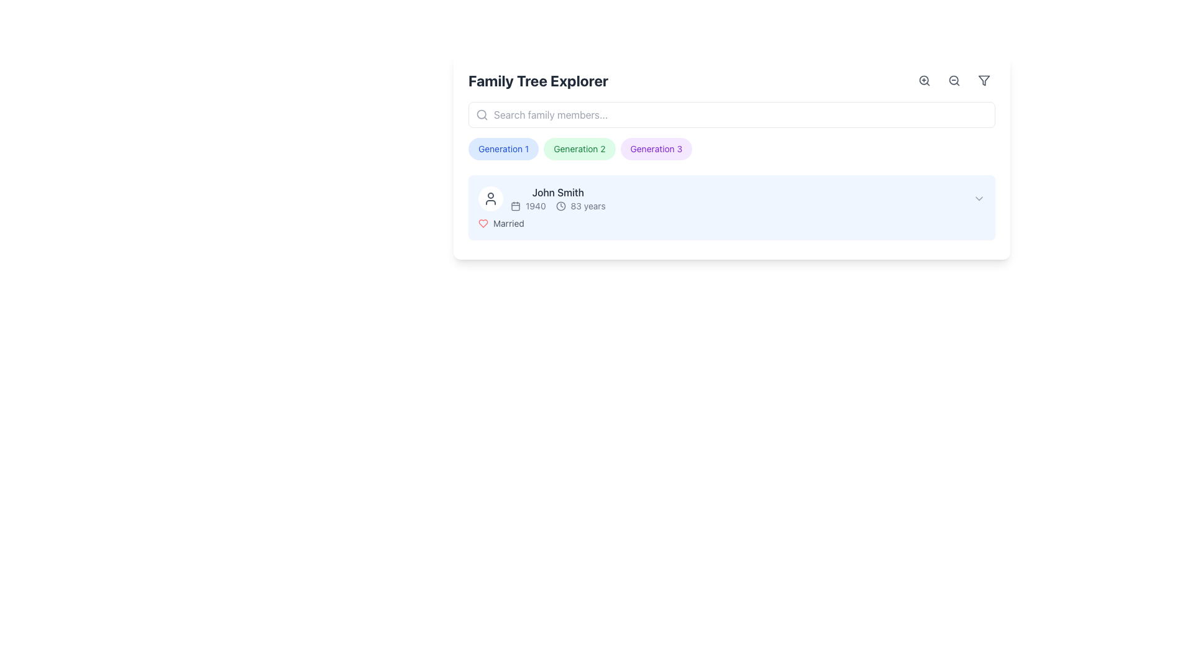 The height and width of the screenshot is (671, 1193). Describe the element at coordinates (482, 115) in the screenshot. I see `the search icon located in the upper left section of the interface, which serves as a visual indicator for the search functionality adjacent to the input field for 'Search family members...'` at that location.